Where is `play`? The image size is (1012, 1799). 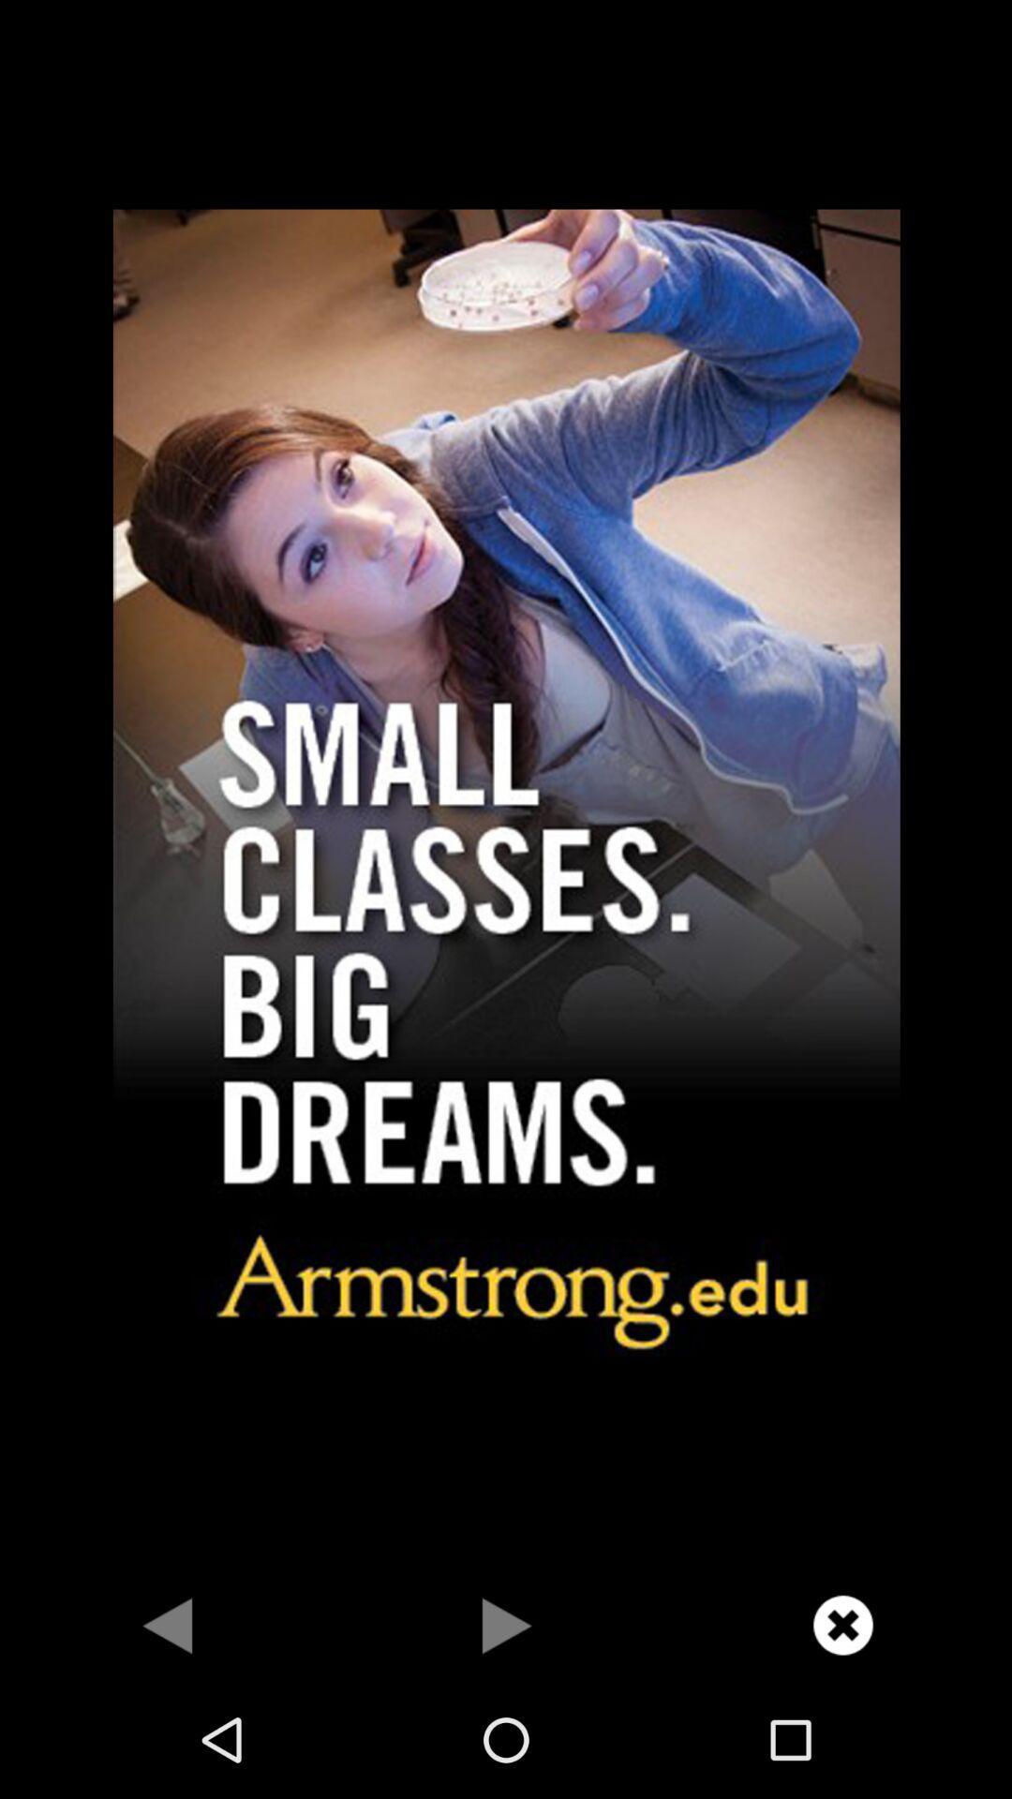
play is located at coordinates (506, 1624).